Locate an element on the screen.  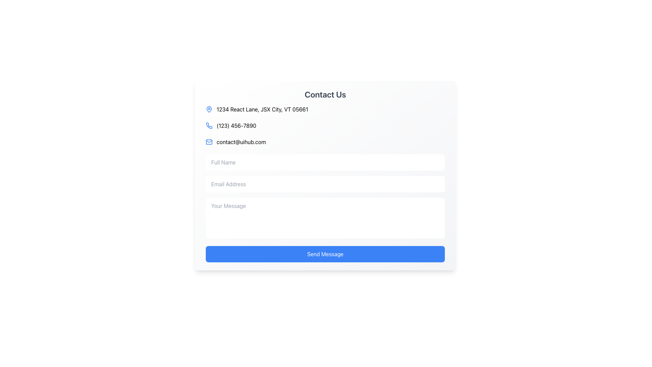
the 'Contact Us' text element, which is styled with bold, large font size and dark gray coloring, located at the top-center of the contact information panel is located at coordinates (325, 94).